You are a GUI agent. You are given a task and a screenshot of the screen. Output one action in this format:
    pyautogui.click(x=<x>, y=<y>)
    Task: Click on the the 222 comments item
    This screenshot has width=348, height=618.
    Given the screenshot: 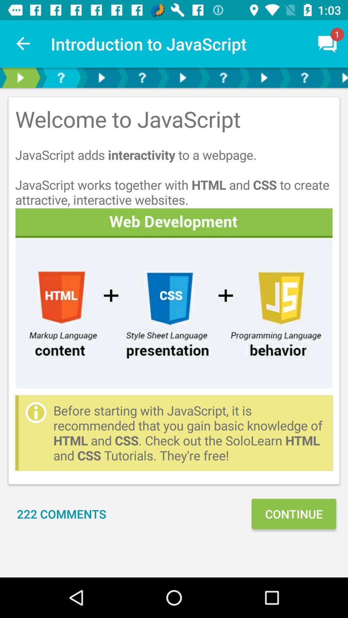 What is the action you would take?
    pyautogui.click(x=62, y=513)
    